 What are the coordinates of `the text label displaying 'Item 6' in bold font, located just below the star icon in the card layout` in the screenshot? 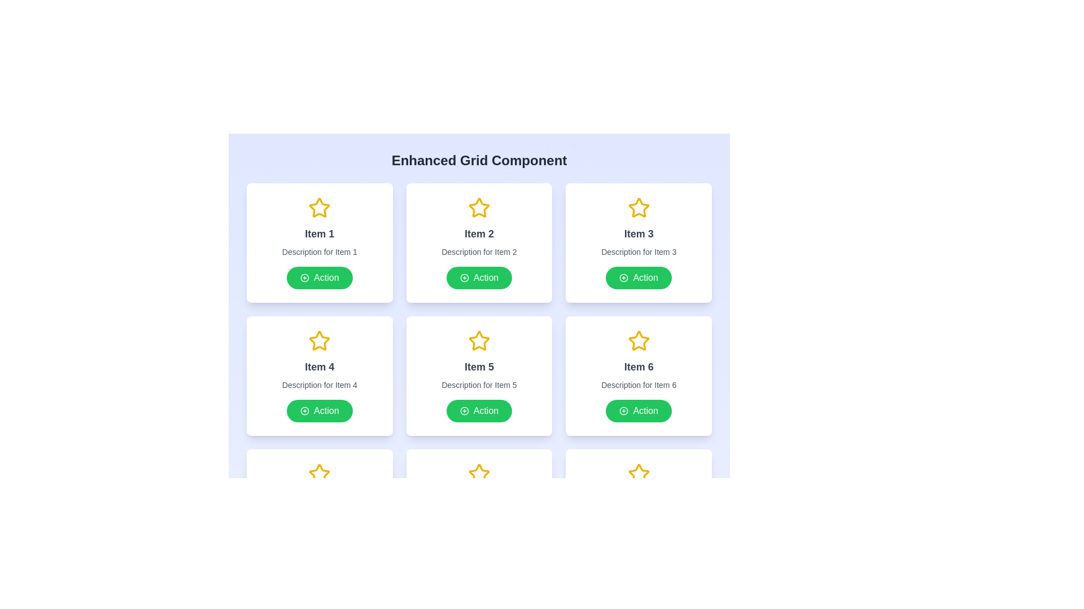 It's located at (639, 367).